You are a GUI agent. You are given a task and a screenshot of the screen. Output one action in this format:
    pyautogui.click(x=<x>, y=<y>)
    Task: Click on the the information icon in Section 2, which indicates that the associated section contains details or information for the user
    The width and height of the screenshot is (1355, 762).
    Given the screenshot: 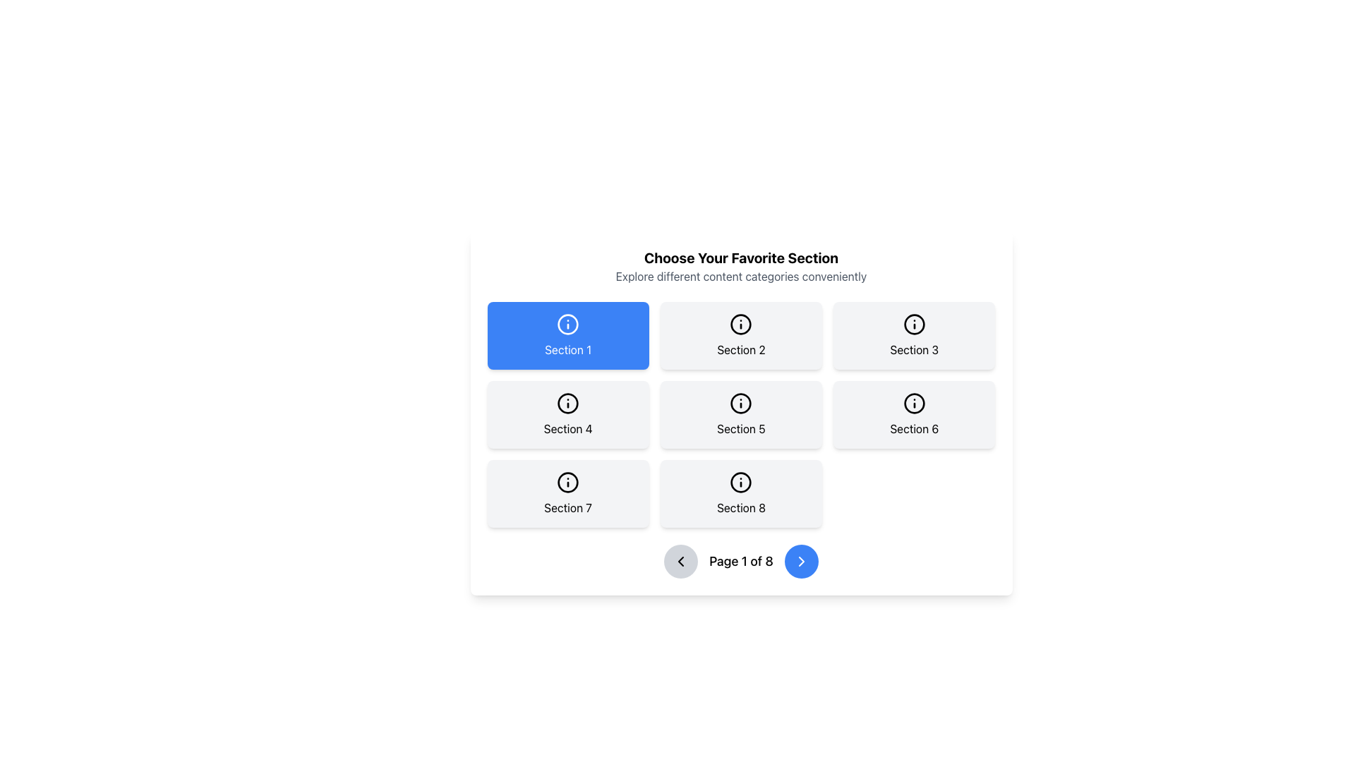 What is the action you would take?
    pyautogui.click(x=740, y=324)
    